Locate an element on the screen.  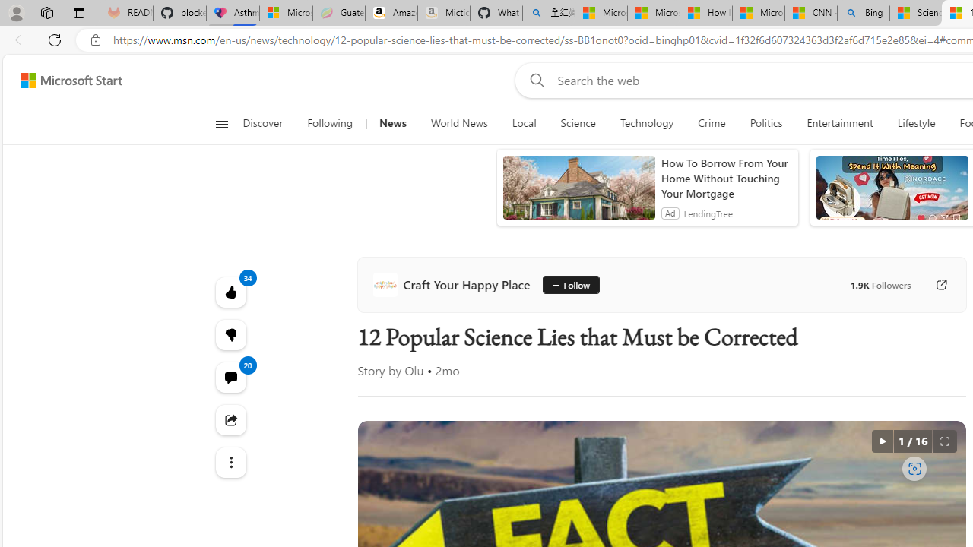
'Follow' is located at coordinates (565, 285).